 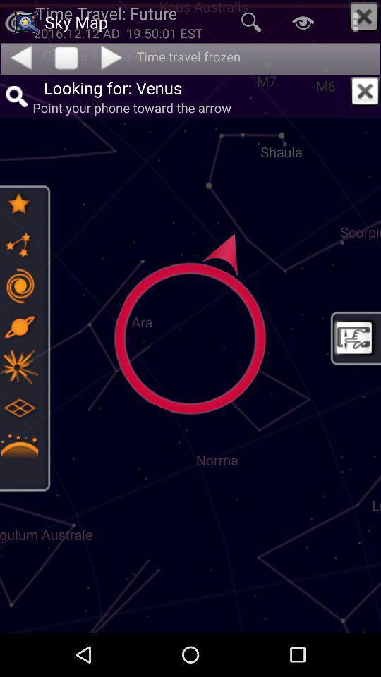 What do you see at coordinates (18, 203) in the screenshot?
I see `the star icon` at bounding box center [18, 203].